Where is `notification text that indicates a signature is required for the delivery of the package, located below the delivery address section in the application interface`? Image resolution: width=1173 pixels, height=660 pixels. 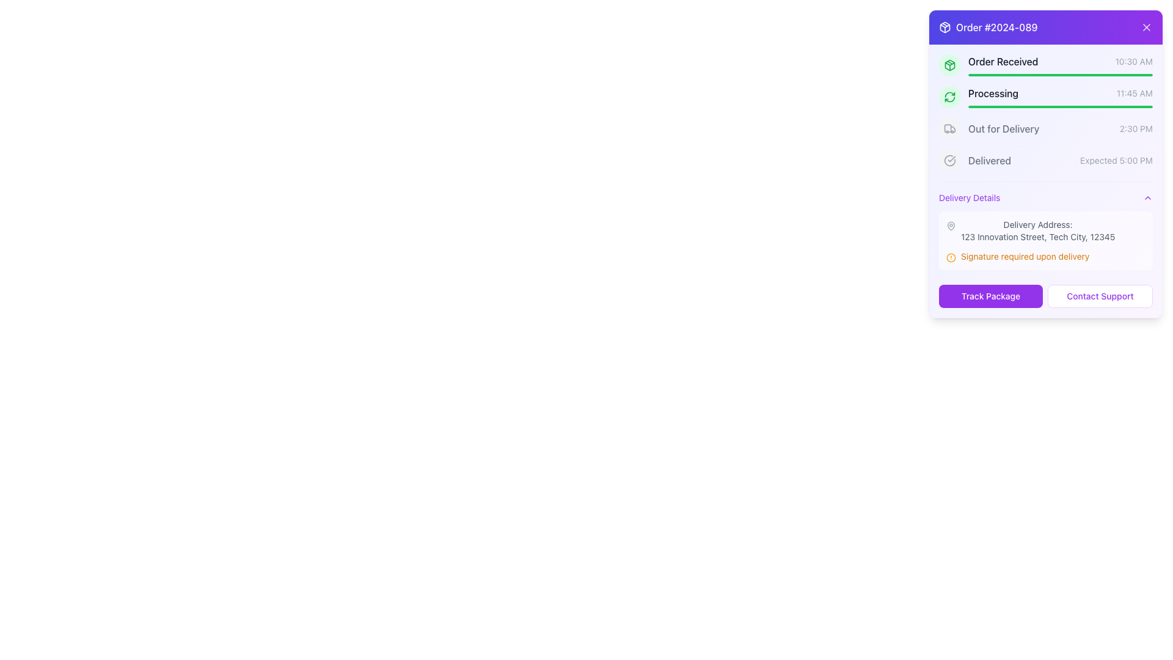 notification text that indicates a signature is required for the delivery of the package, located below the delivery address section in the application interface is located at coordinates (1045, 256).